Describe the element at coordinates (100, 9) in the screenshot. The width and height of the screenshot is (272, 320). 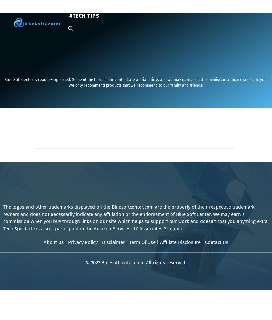
I see `'Laptops'` at that location.